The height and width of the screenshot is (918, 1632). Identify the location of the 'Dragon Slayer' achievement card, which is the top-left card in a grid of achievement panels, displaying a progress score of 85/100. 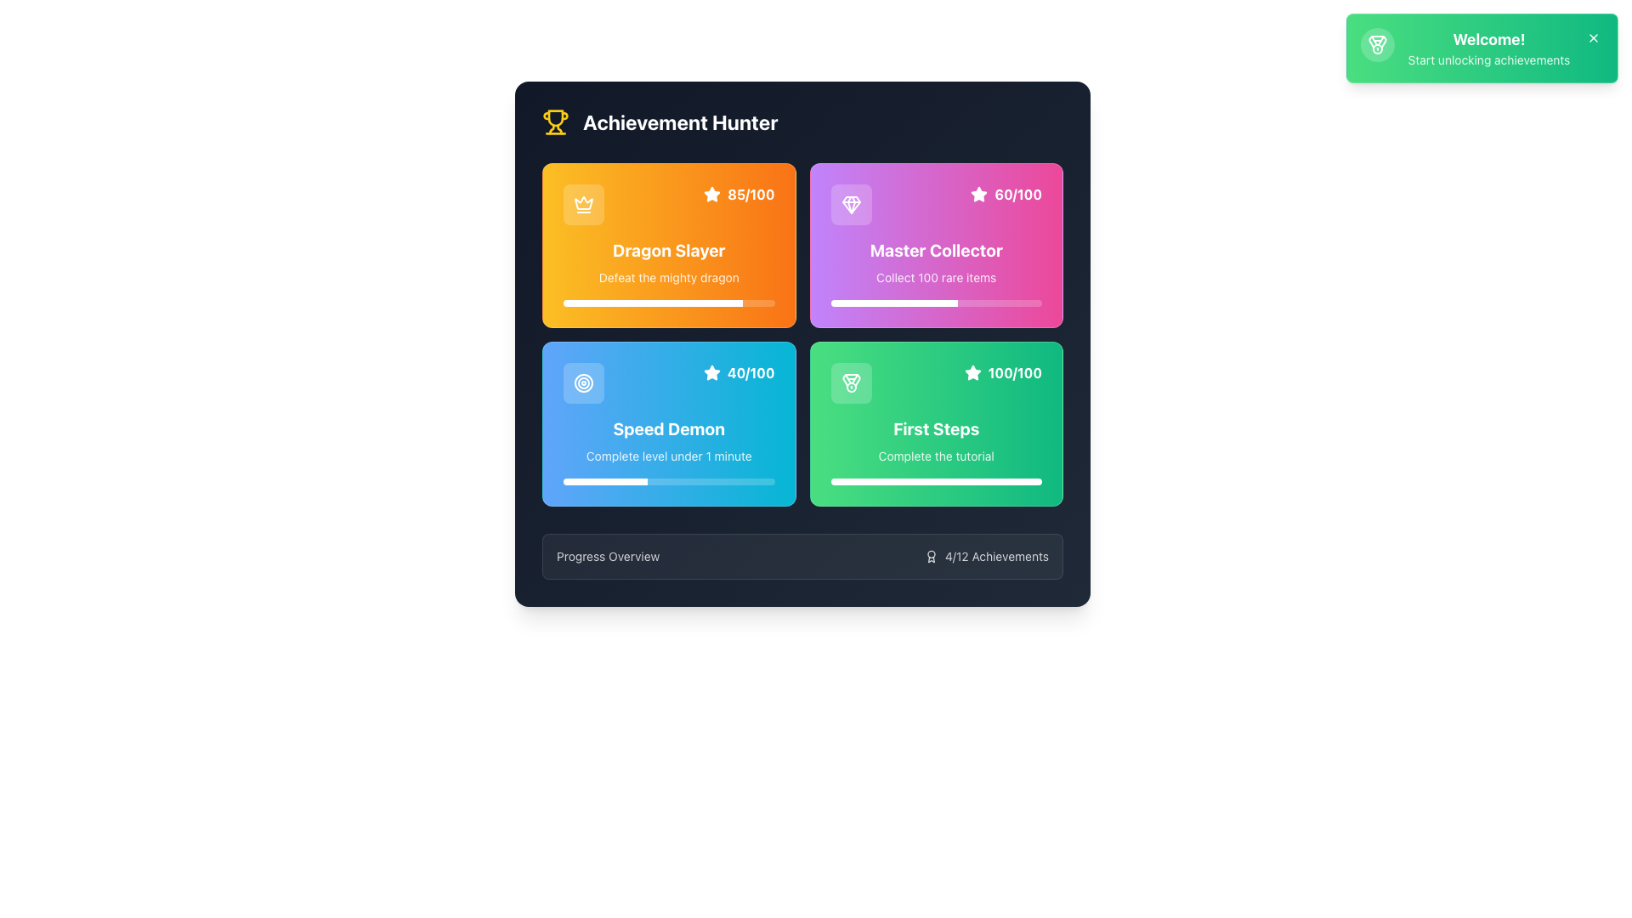
(668, 246).